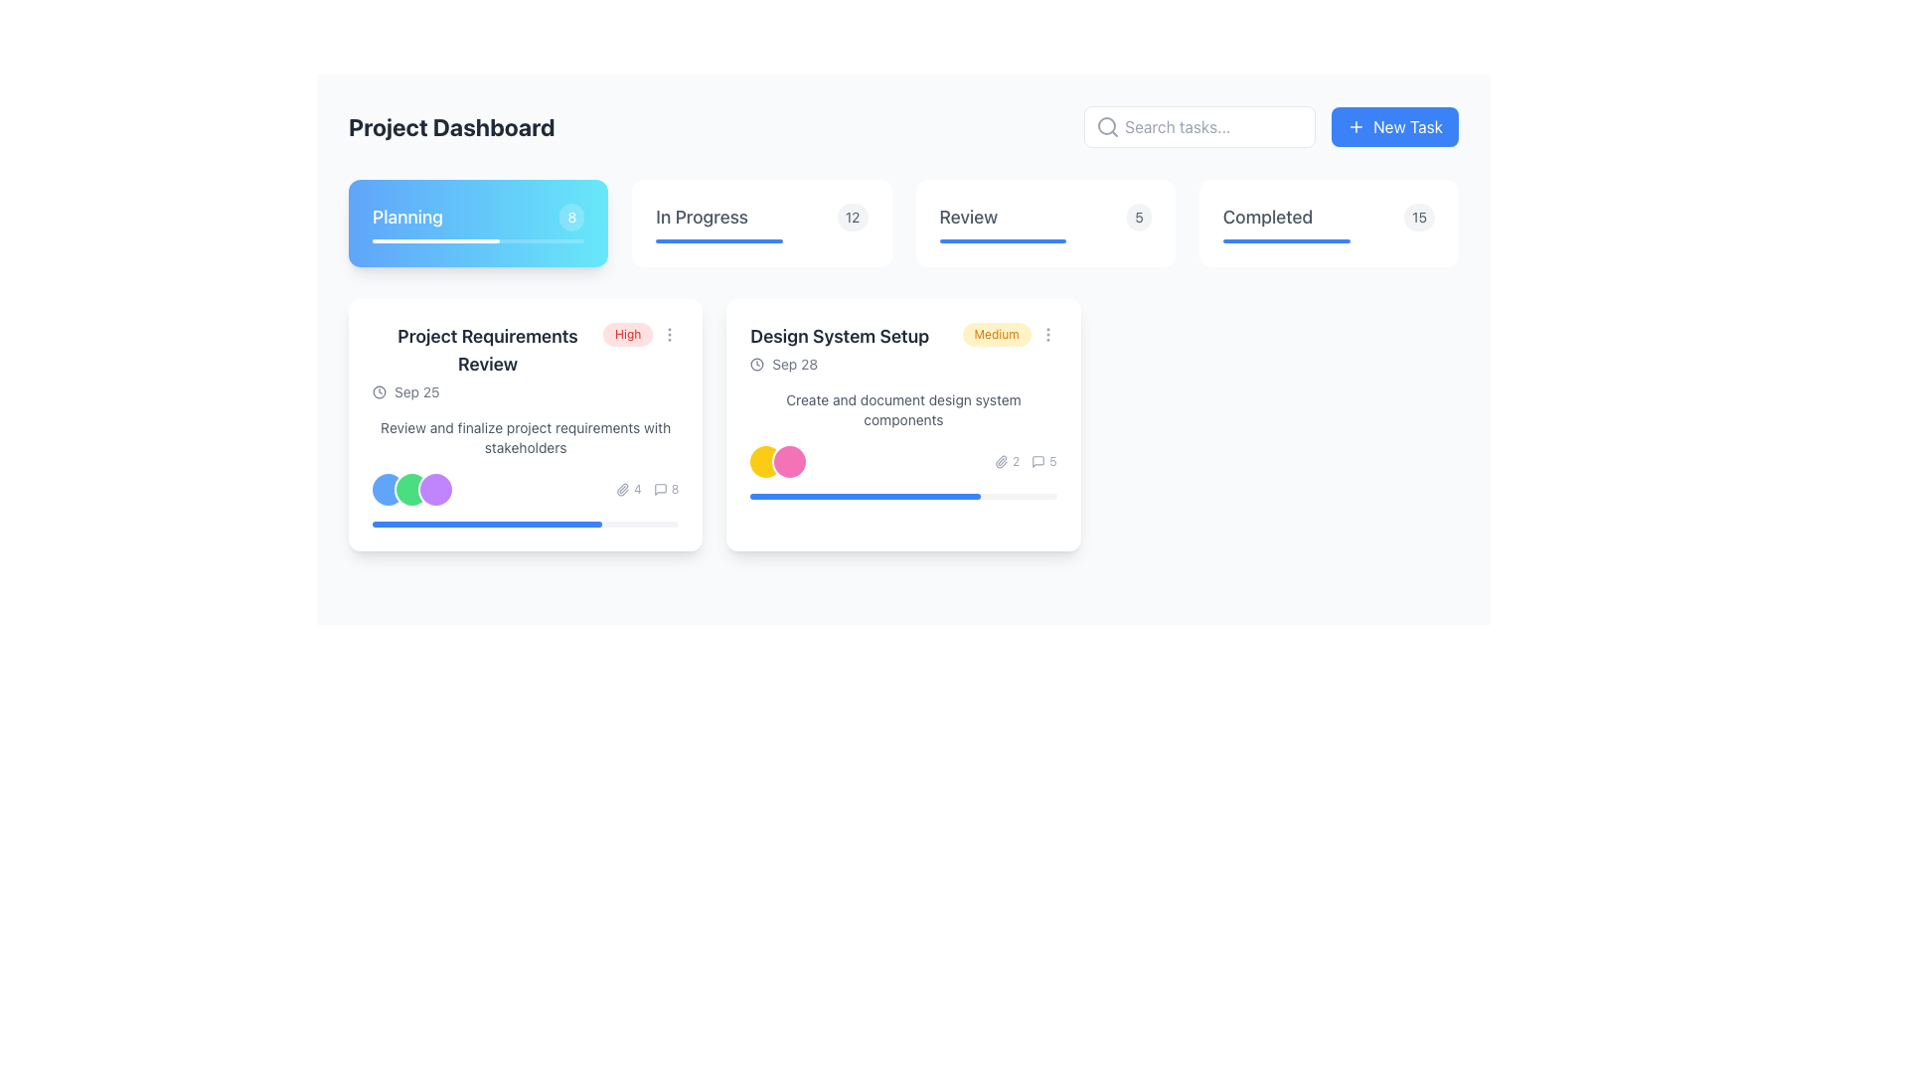 The height and width of the screenshot is (1073, 1908). What do you see at coordinates (388, 490) in the screenshot?
I see `the leftmost circular avatar representing the user 'Sarah' in the collaborator group, located below the 'Project Requirements Review' card` at bounding box center [388, 490].